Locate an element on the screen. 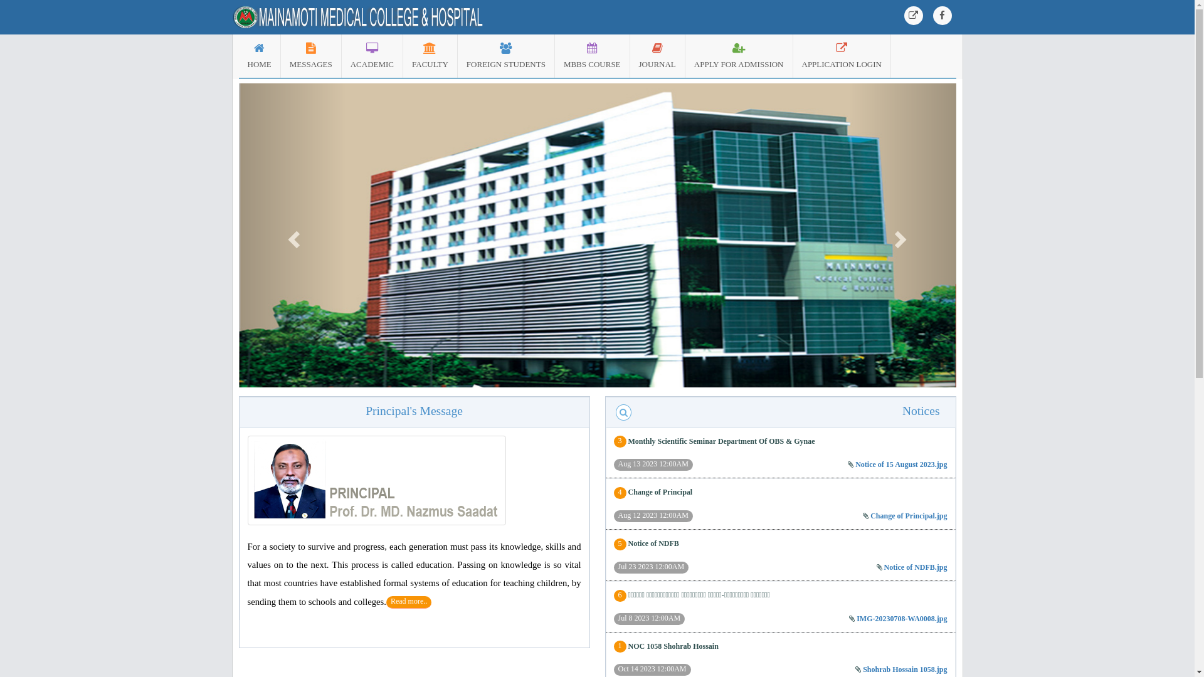  'IMG-20230708-WA0008.jpg' is located at coordinates (901, 618).